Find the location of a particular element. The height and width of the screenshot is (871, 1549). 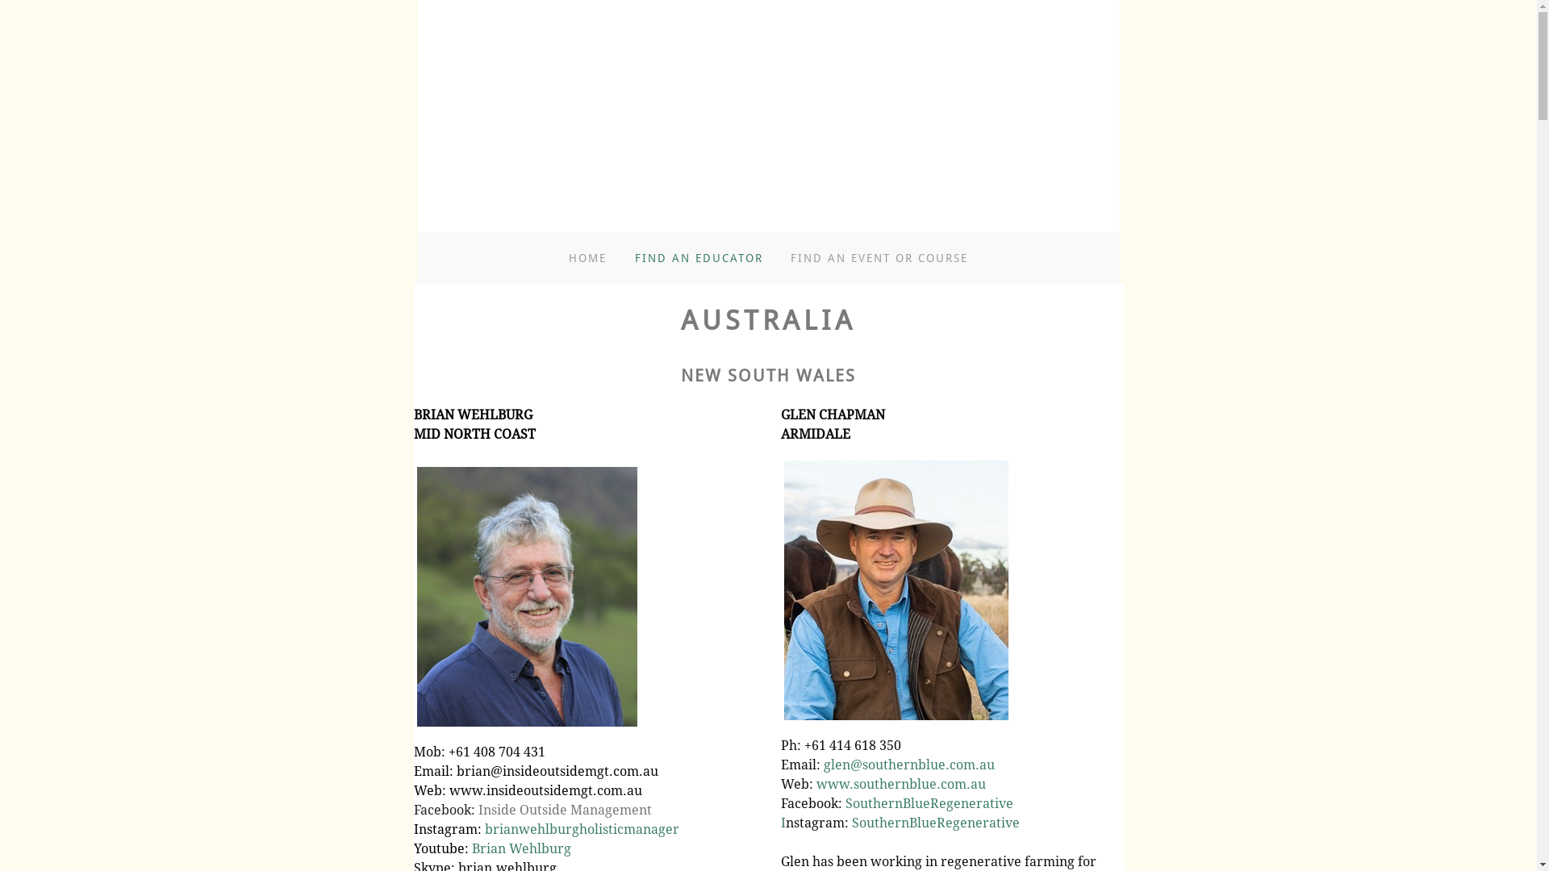

'brian@insideoutsidemgt.com.au' is located at coordinates (456, 770).